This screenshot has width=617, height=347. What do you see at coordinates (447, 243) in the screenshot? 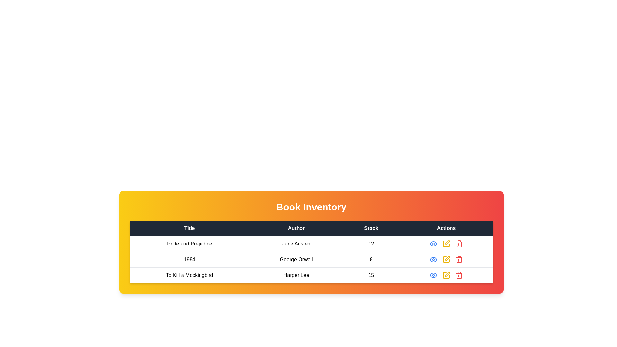
I see `the 'Edit' button in the 'Actions' column of the table for the book 'Pride and Prejudice'` at bounding box center [447, 243].